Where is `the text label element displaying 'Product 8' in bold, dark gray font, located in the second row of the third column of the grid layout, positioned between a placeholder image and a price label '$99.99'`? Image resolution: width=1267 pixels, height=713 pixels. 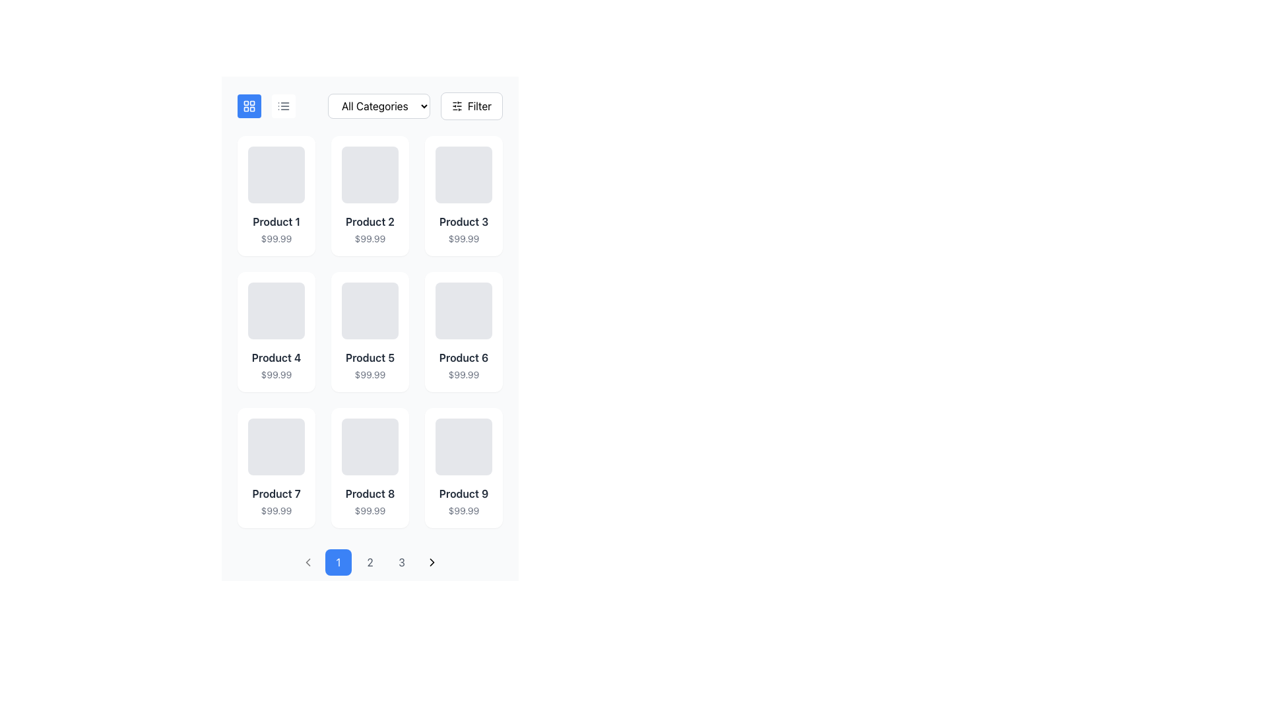 the text label element displaying 'Product 8' in bold, dark gray font, located in the second row of the third column of the grid layout, positioned between a placeholder image and a price label '$99.99' is located at coordinates (370, 494).